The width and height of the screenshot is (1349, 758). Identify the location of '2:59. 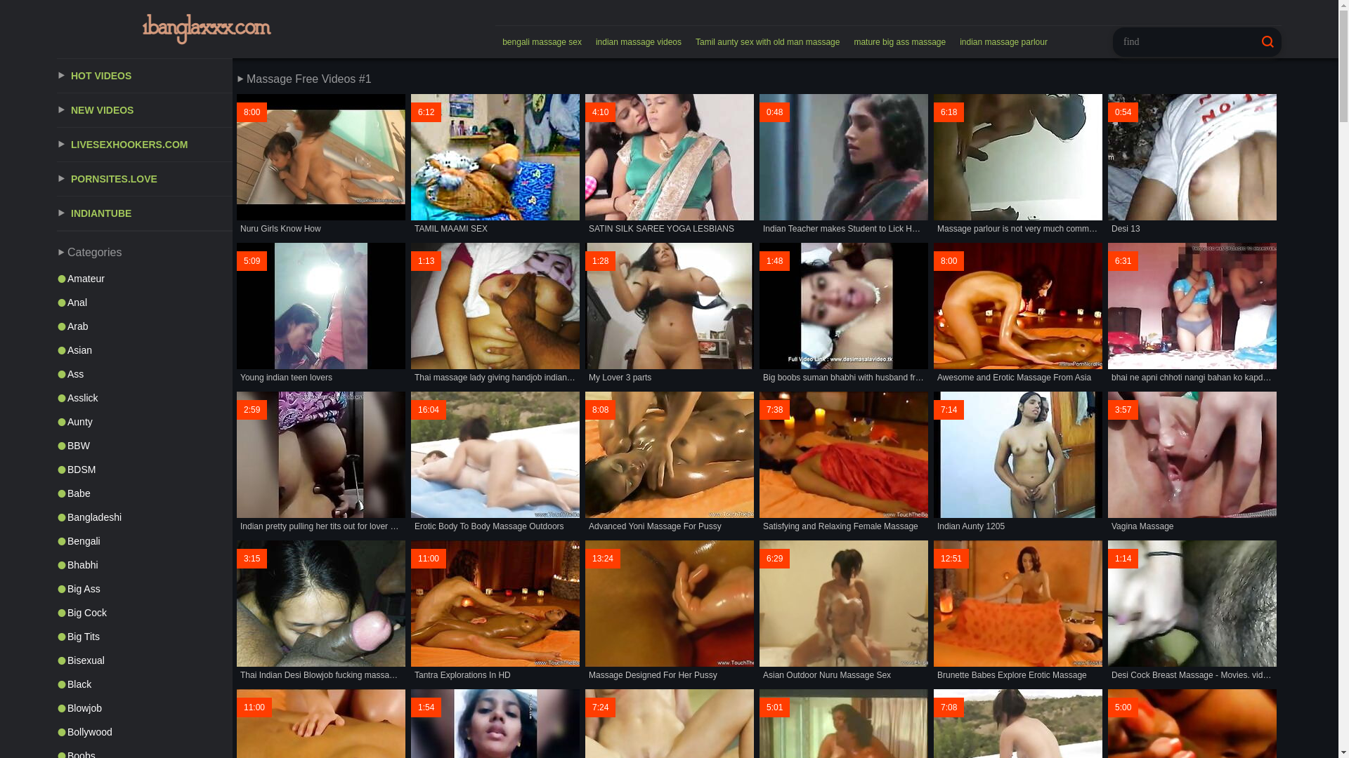
(320, 463).